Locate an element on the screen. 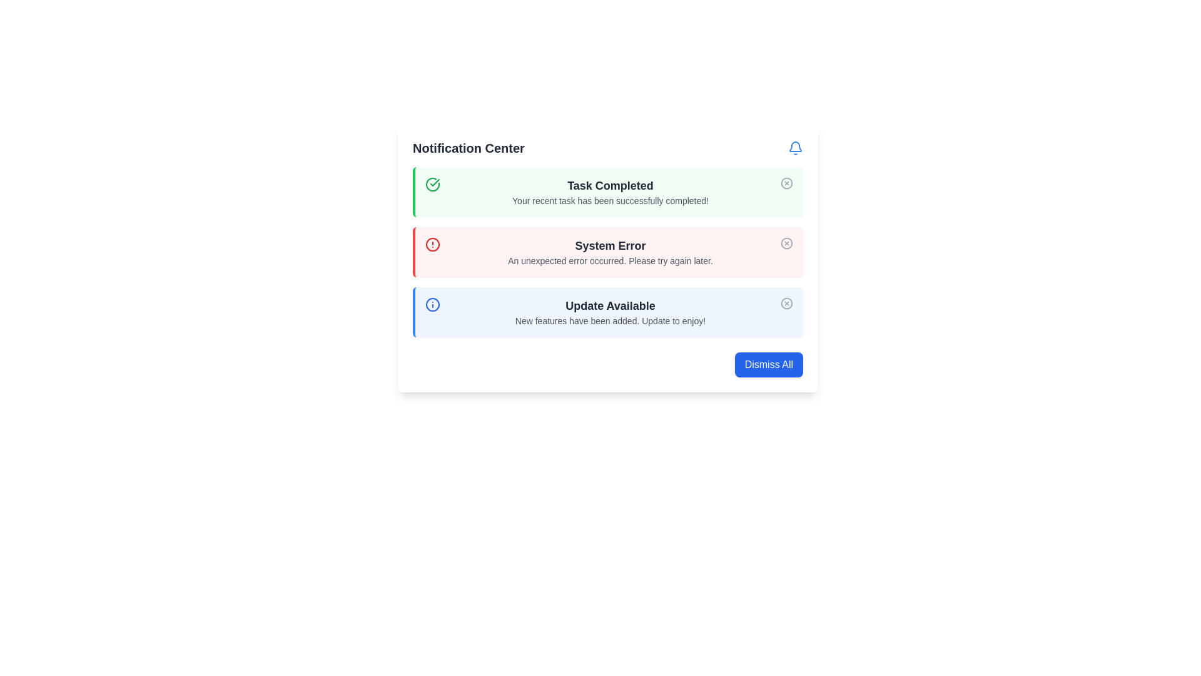 This screenshot has height=676, width=1201. the Text Label that provides additional details regarding the notification titled 'Update Available', which is located directly below the header text within the blue-bordered notification box is located at coordinates (610, 320).